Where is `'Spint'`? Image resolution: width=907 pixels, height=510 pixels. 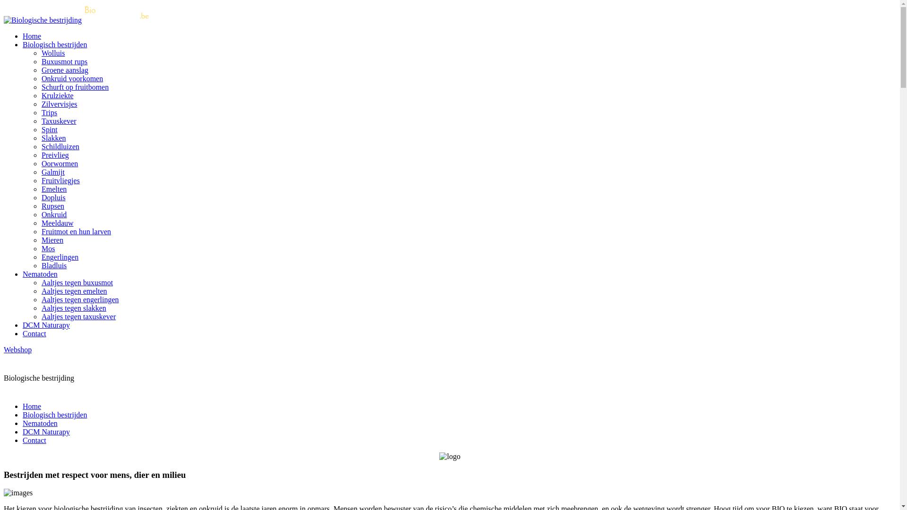 'Spint' is located at coordinates (49, 129).